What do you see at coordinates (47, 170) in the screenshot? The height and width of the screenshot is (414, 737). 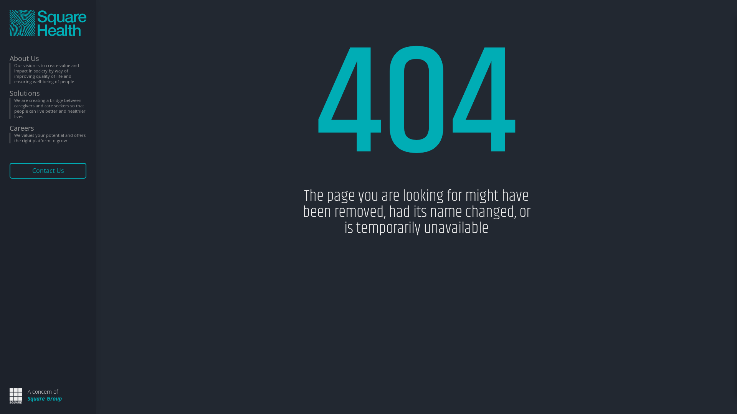 I see `'Contact Us'` at bounding box center [47, 170].